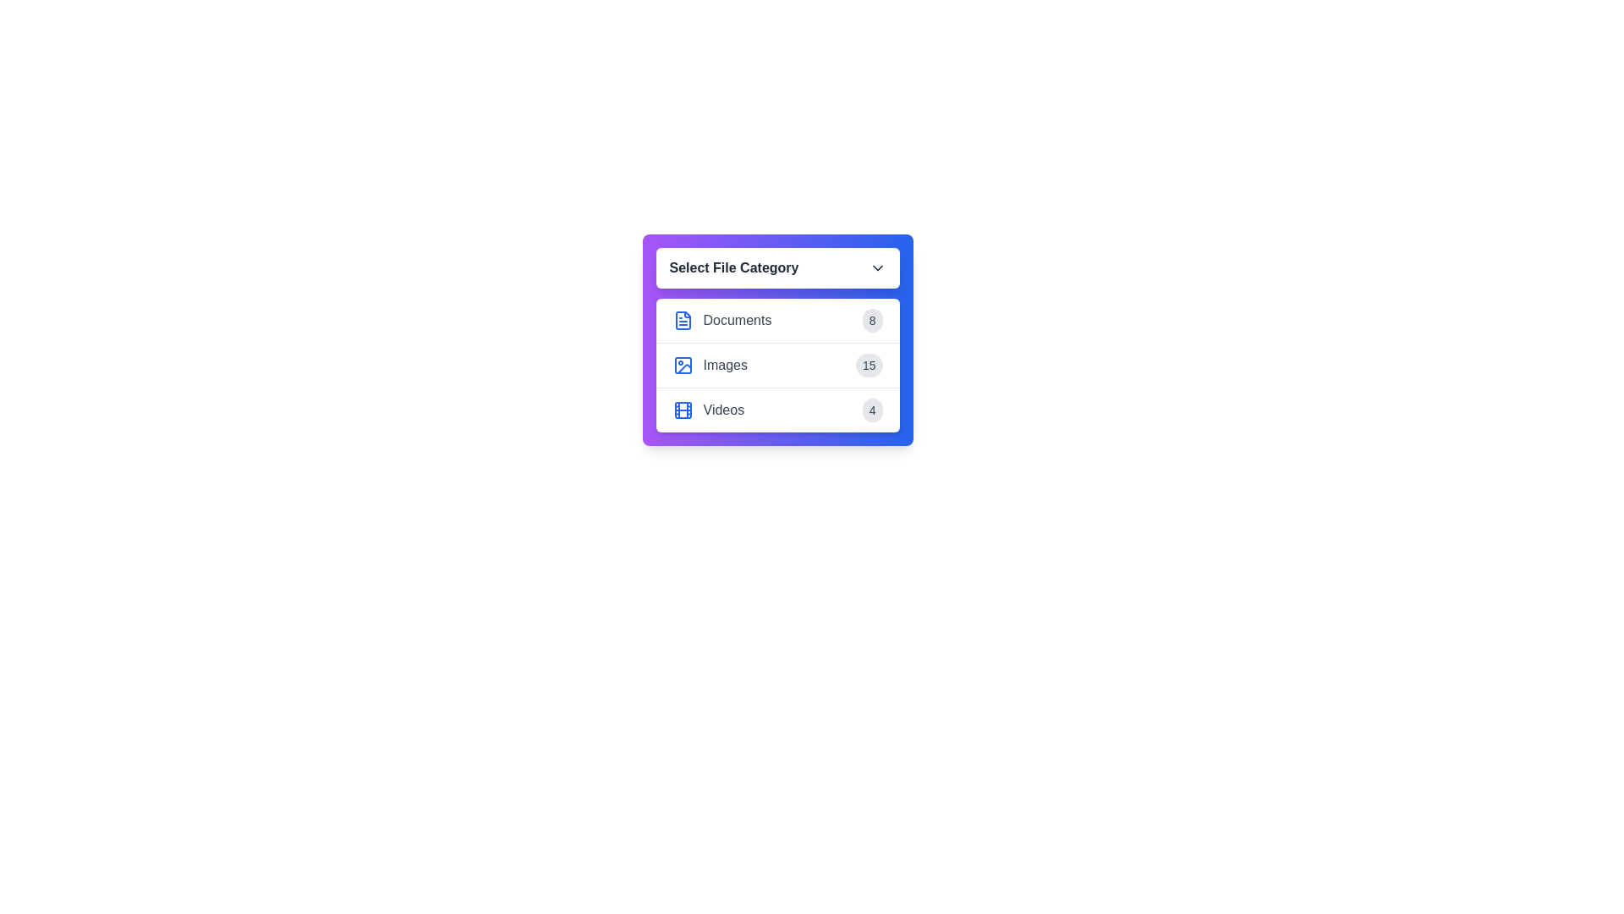 The height and width of the screenshot is (914, 1624). What do you see at coordinates (723, 410) in the screenshot?
I see `text label 'Videos' which is the third option in the 'Select File Category' dropdown` at bounding box center [723, 410].